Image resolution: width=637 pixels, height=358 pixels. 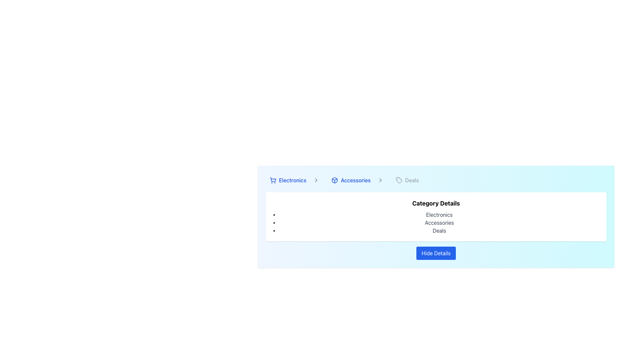 I want to click on the Breadcrumb Navigation Item labeled 'Accessories', so click(x=356, y=180).